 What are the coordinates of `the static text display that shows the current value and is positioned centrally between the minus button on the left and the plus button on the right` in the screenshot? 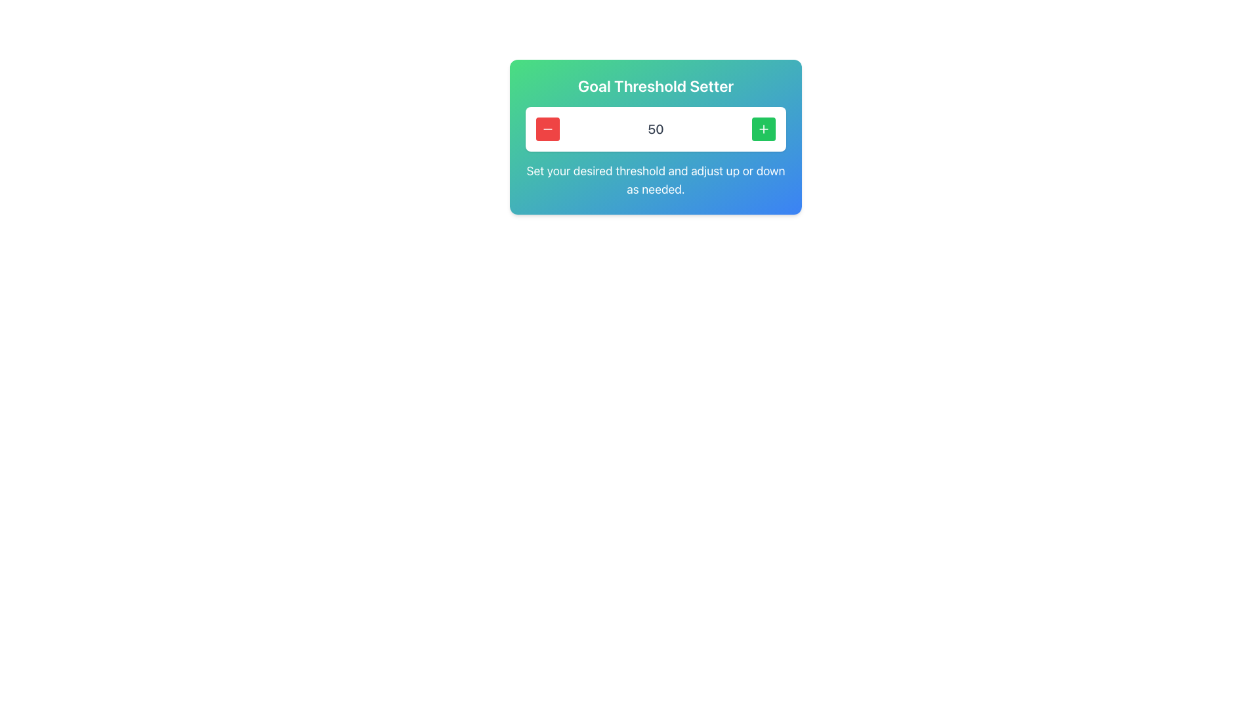 It's located at (656, 129).